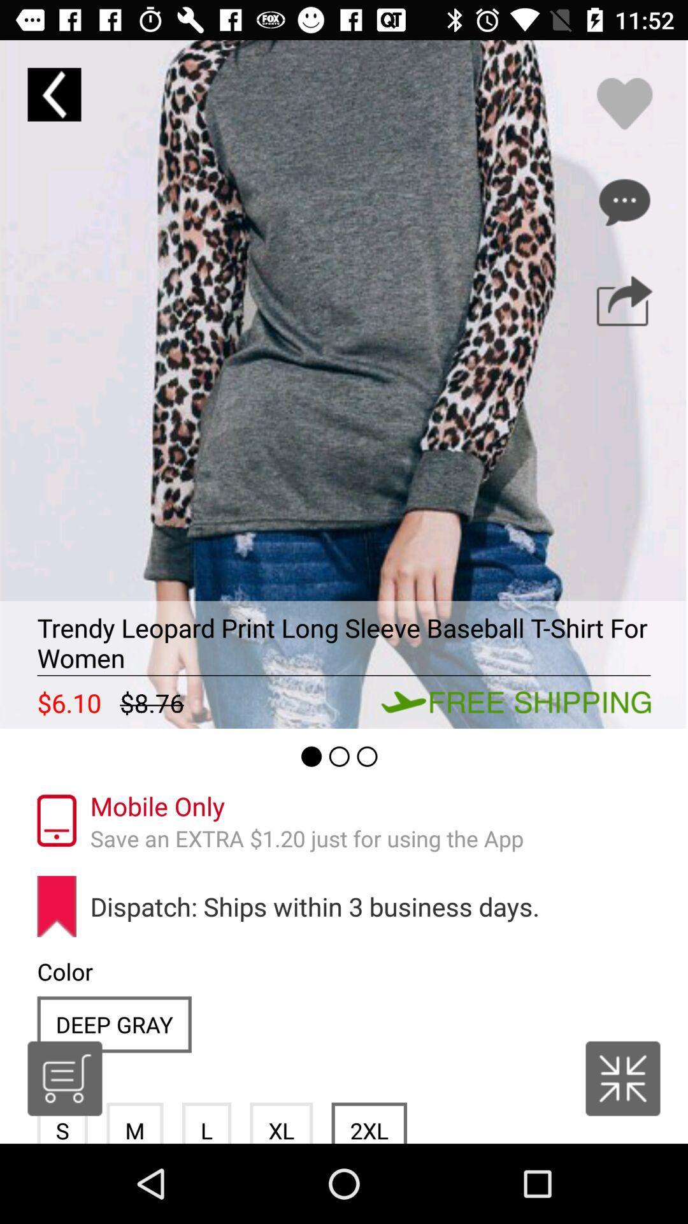  What do you see at coordinates (280, 1123) in the screenshot?
I see `icon below the dispatch ships within item` at bounding box center [280, 1123].